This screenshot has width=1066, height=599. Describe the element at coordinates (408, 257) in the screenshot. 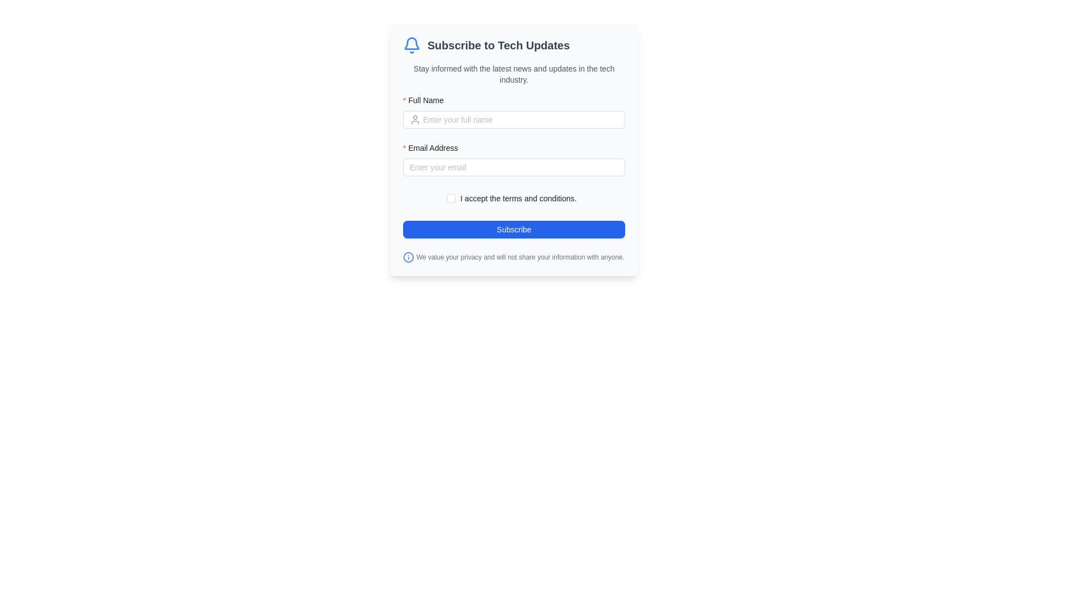

I see `the informational icon located at the bottom-left corner of the privacy statement text note that reads 'We value your privacy and will not share your information with anyone.'` at that location.